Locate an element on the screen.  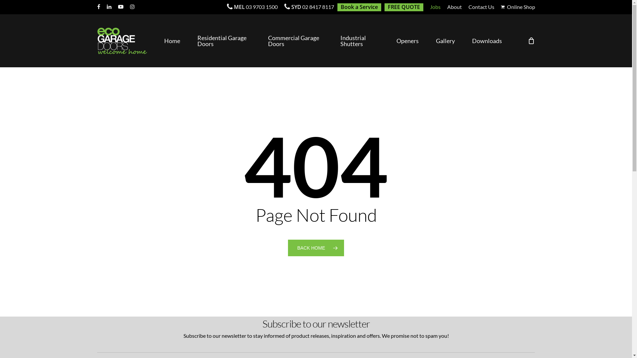
'youtube' is located at coordinates (121, 7).